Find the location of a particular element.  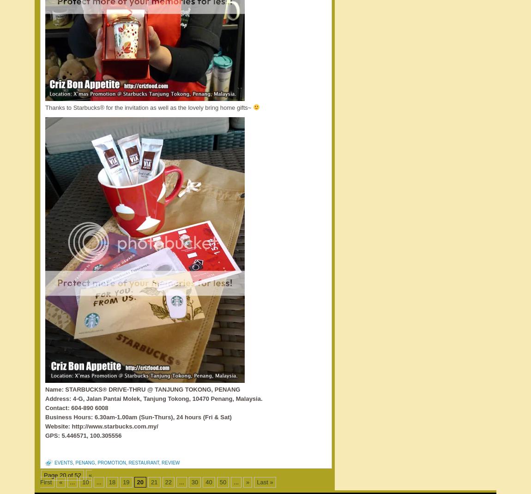

'Last »' is located at coordinates (265, 482).